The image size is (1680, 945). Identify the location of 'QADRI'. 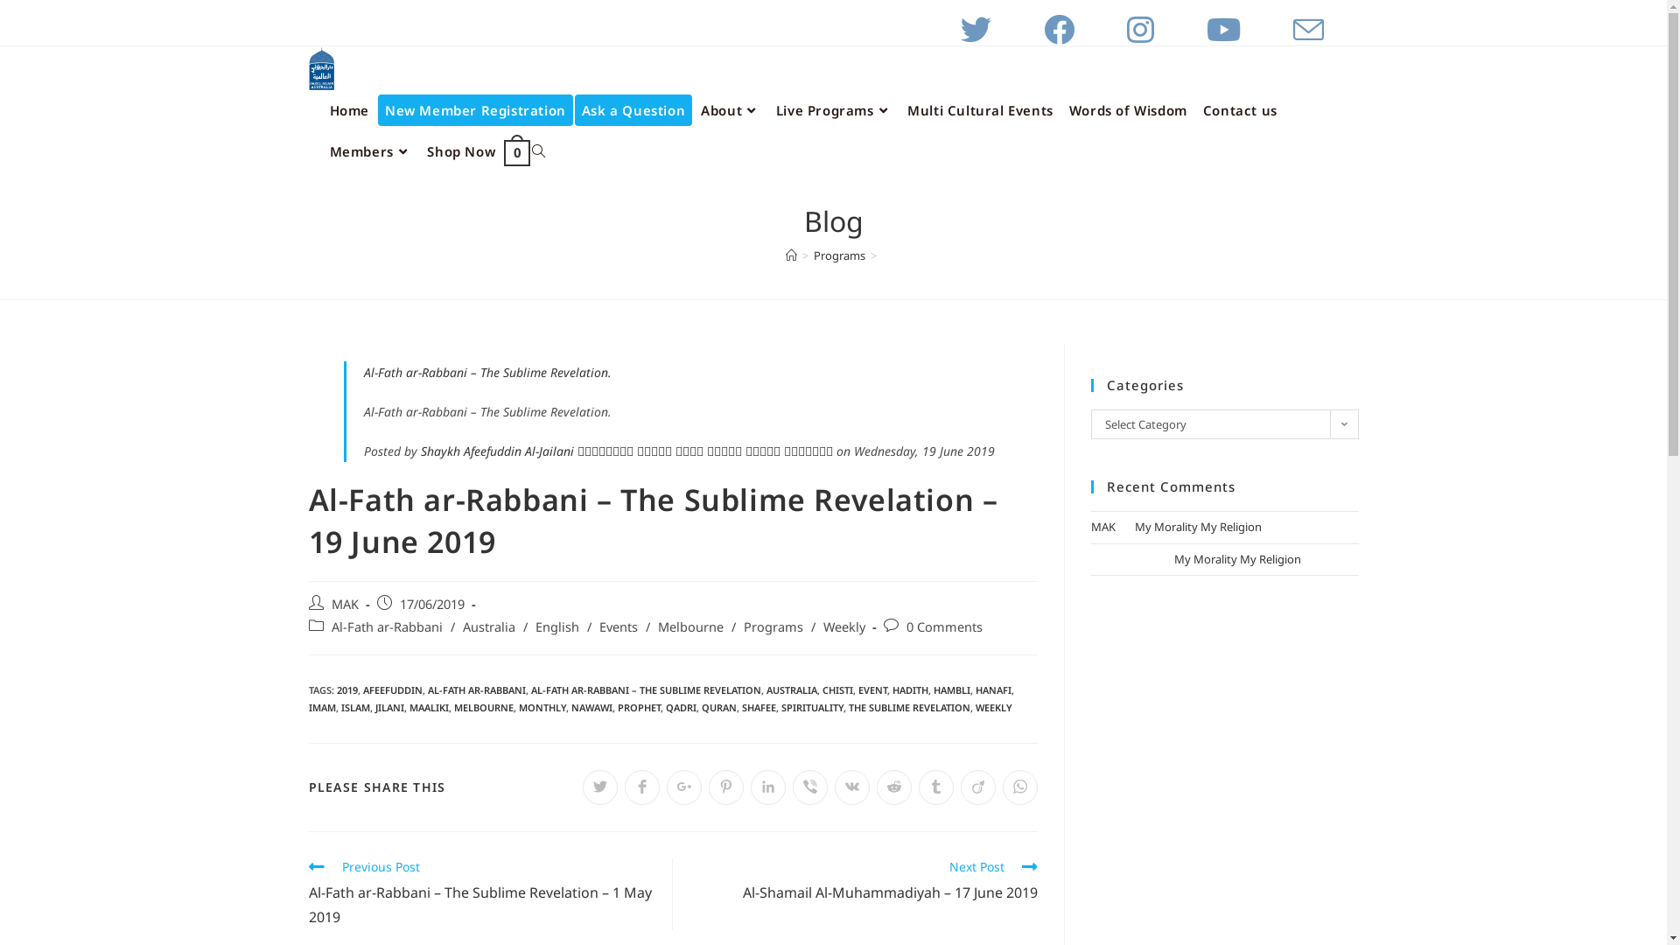
(679, 706).